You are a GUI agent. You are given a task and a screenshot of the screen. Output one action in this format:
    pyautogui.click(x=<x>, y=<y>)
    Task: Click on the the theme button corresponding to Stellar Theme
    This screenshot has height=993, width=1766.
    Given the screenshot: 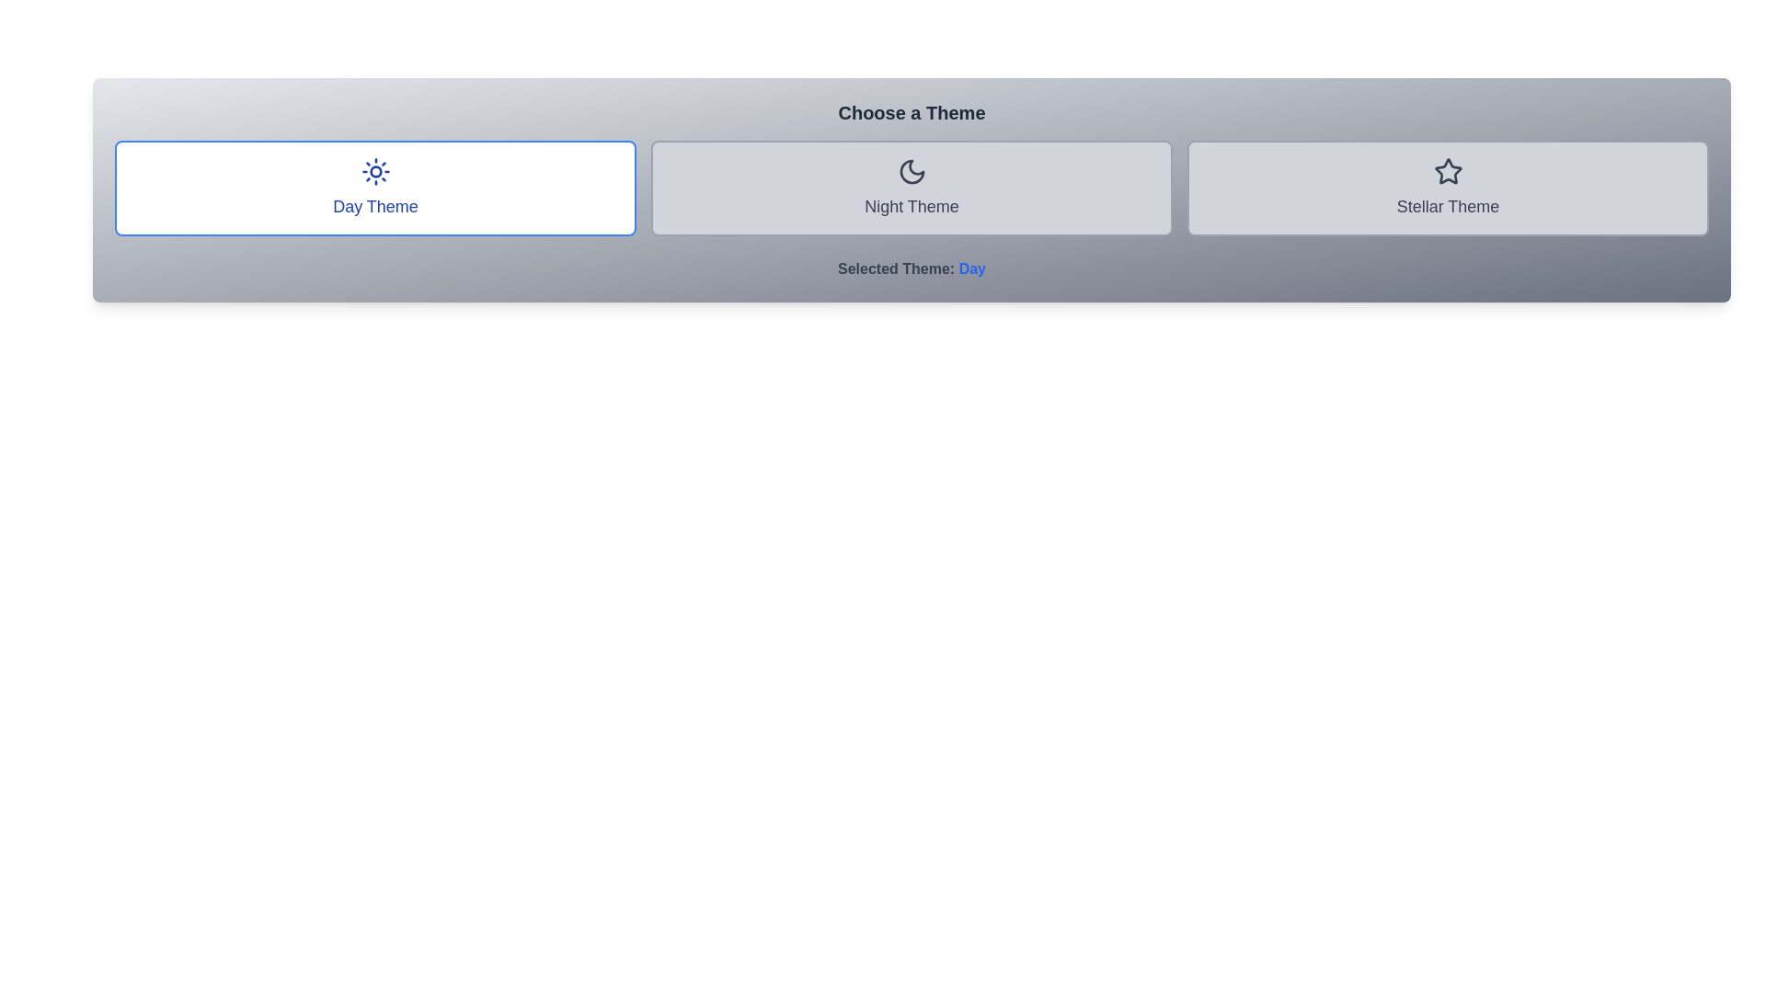 What is the action you would take?
    pyautogui.click(x=1447, y=188)
    